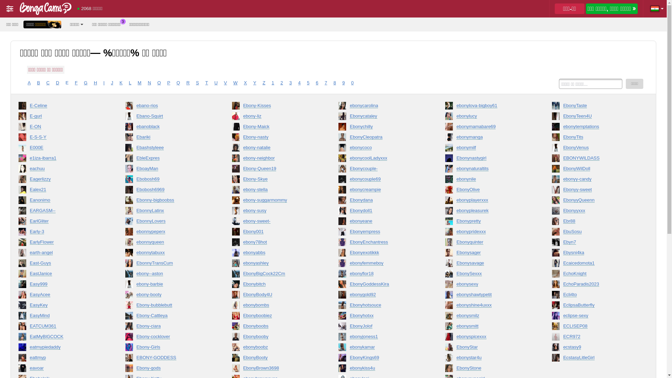 The width and height of the screenshot is (672, 378). What do you see at coordinates (275, 211) in the screenshot?
I see `'ebony-susy'` at bounding box center [275, 211].